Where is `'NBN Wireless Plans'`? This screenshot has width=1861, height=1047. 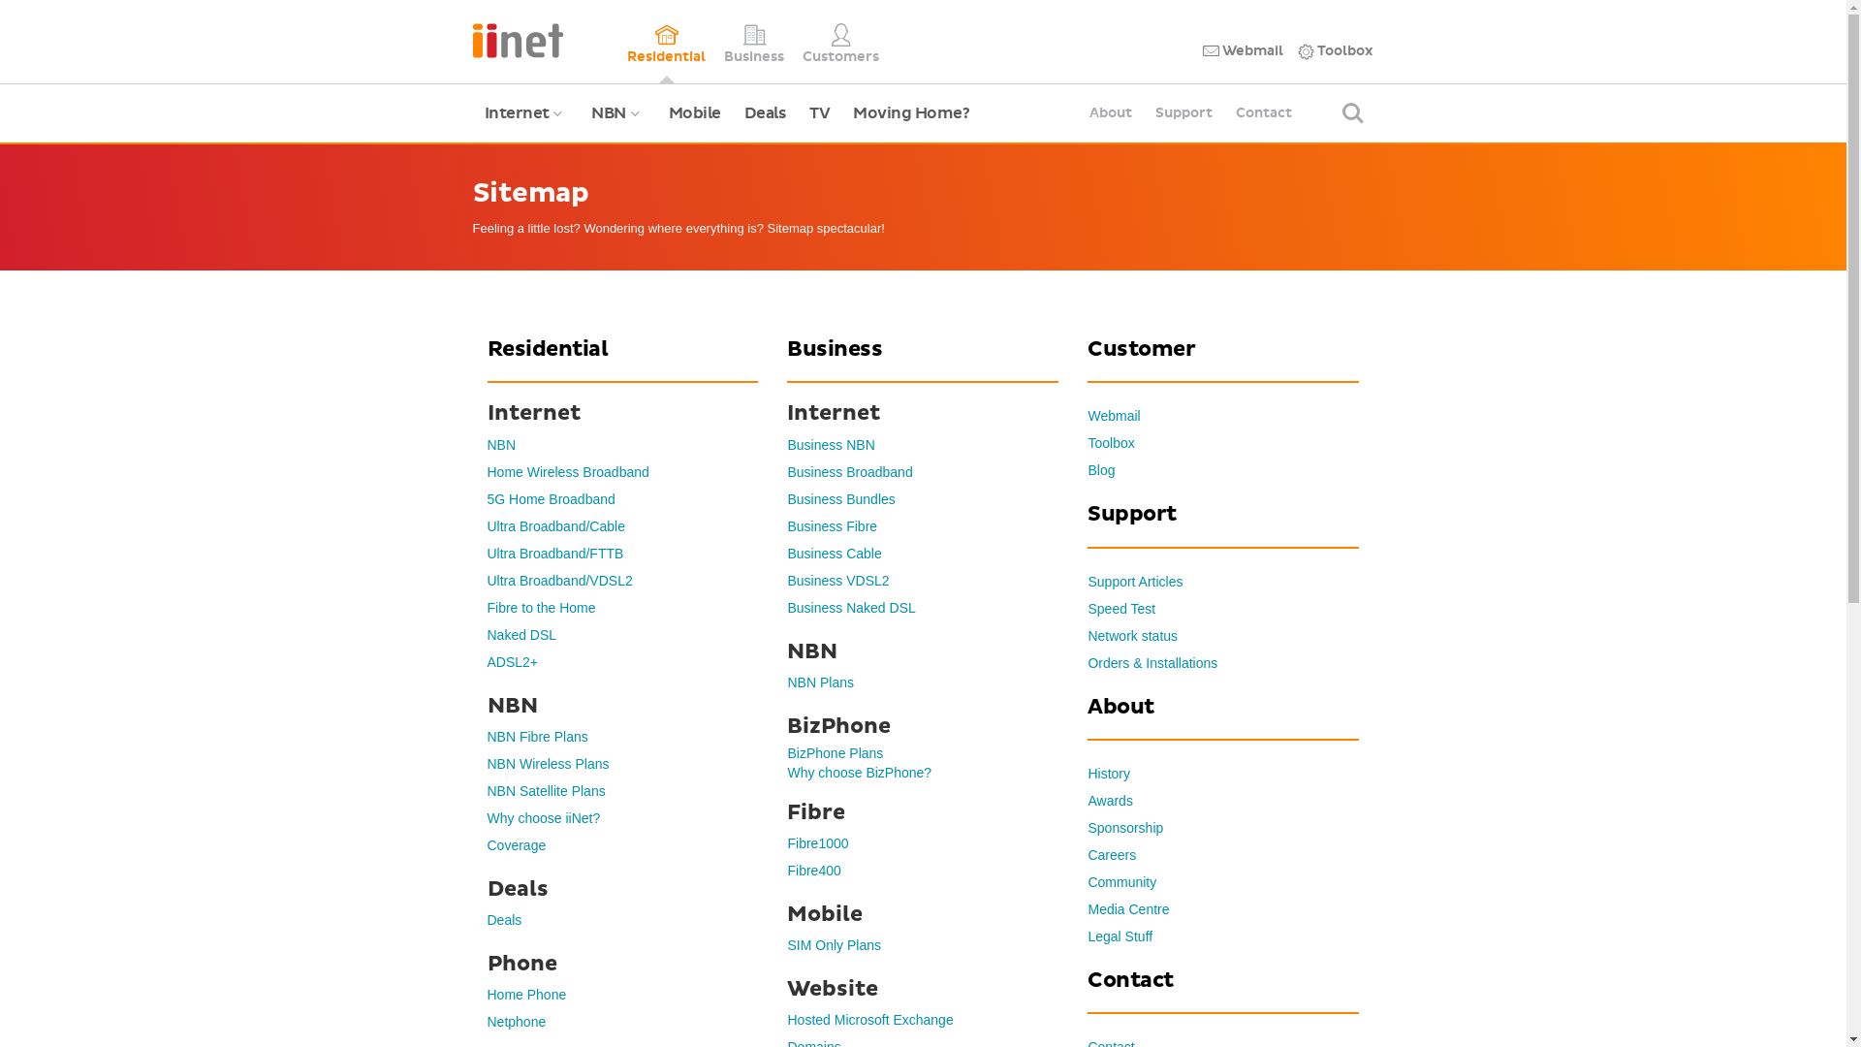 'NBN Wireless Plans' is located at coordinates (547, 762).